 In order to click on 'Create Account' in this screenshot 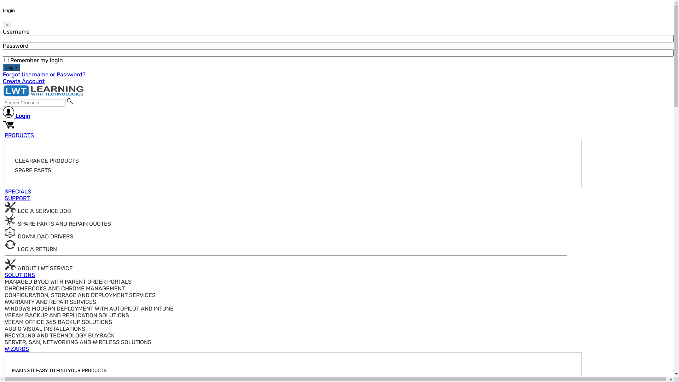, I will do `click(3, 81)`.